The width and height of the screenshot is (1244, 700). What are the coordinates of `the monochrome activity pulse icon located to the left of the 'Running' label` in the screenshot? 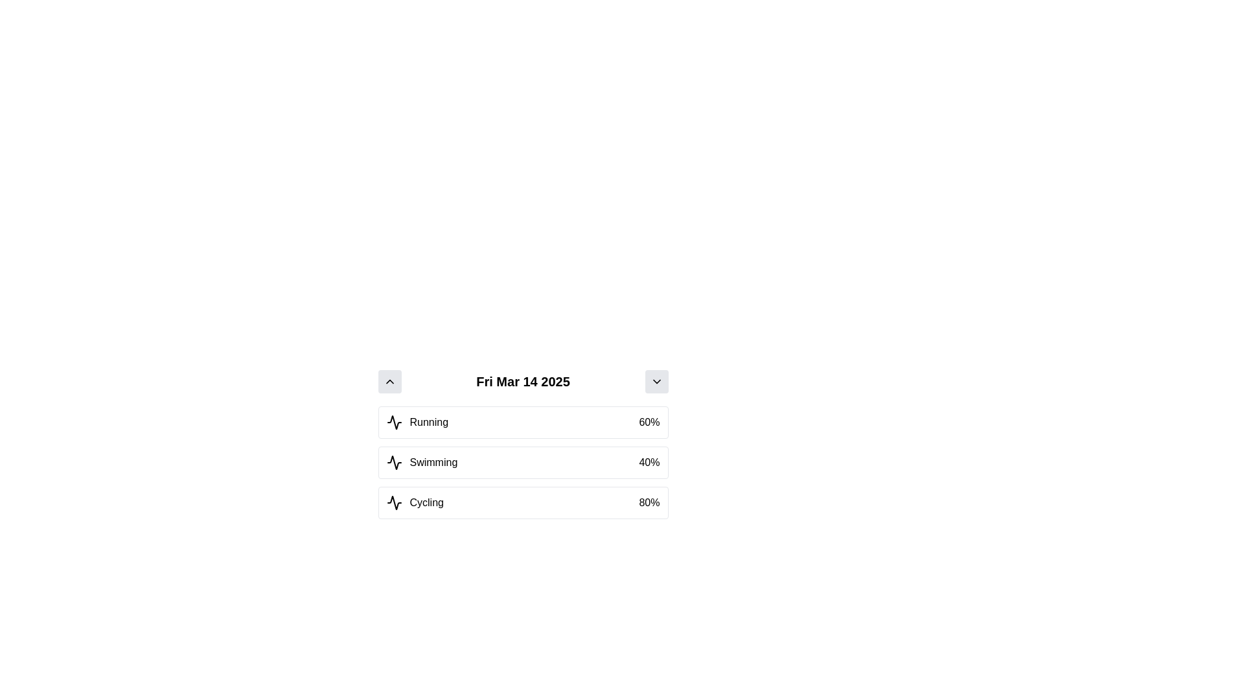 It's located at (393, 422).